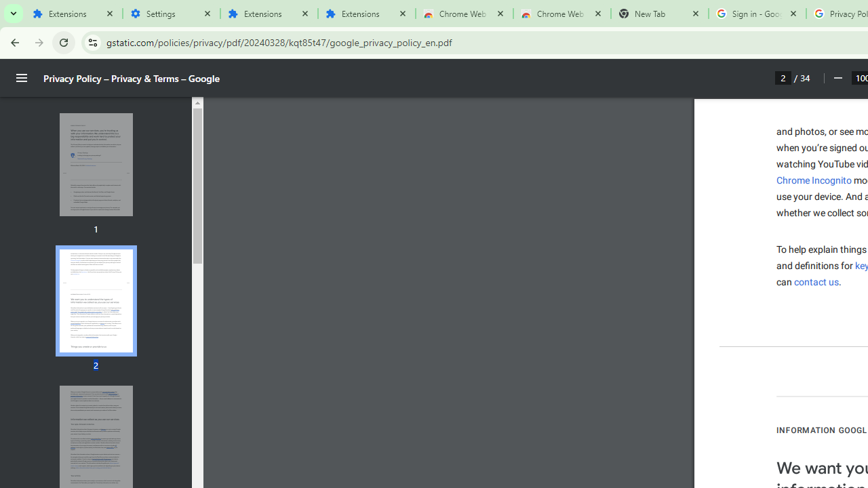 The width and height of the screenshot is (868, 488). Describe the element at coordinates (816, 281) in the screenshot. I see `'contact us'` at that location.